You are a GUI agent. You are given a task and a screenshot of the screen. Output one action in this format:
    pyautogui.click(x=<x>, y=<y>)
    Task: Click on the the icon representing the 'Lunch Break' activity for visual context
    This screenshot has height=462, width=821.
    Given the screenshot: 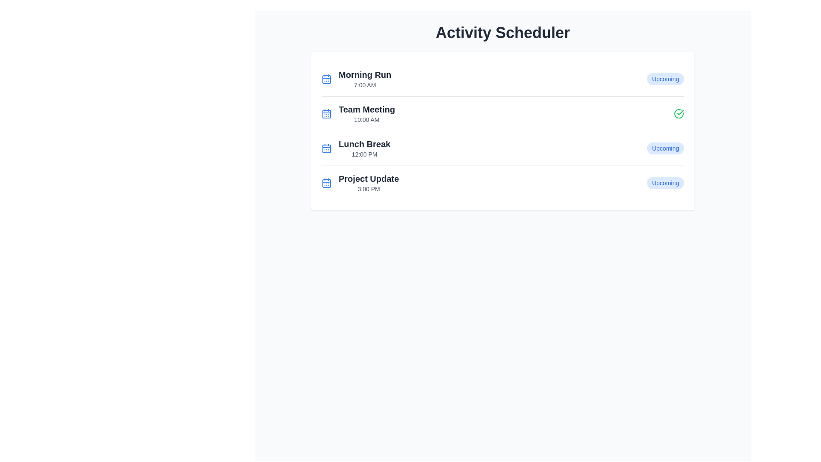 What is the action you would take?
    pyautogui.click(x=326, y=148)
    